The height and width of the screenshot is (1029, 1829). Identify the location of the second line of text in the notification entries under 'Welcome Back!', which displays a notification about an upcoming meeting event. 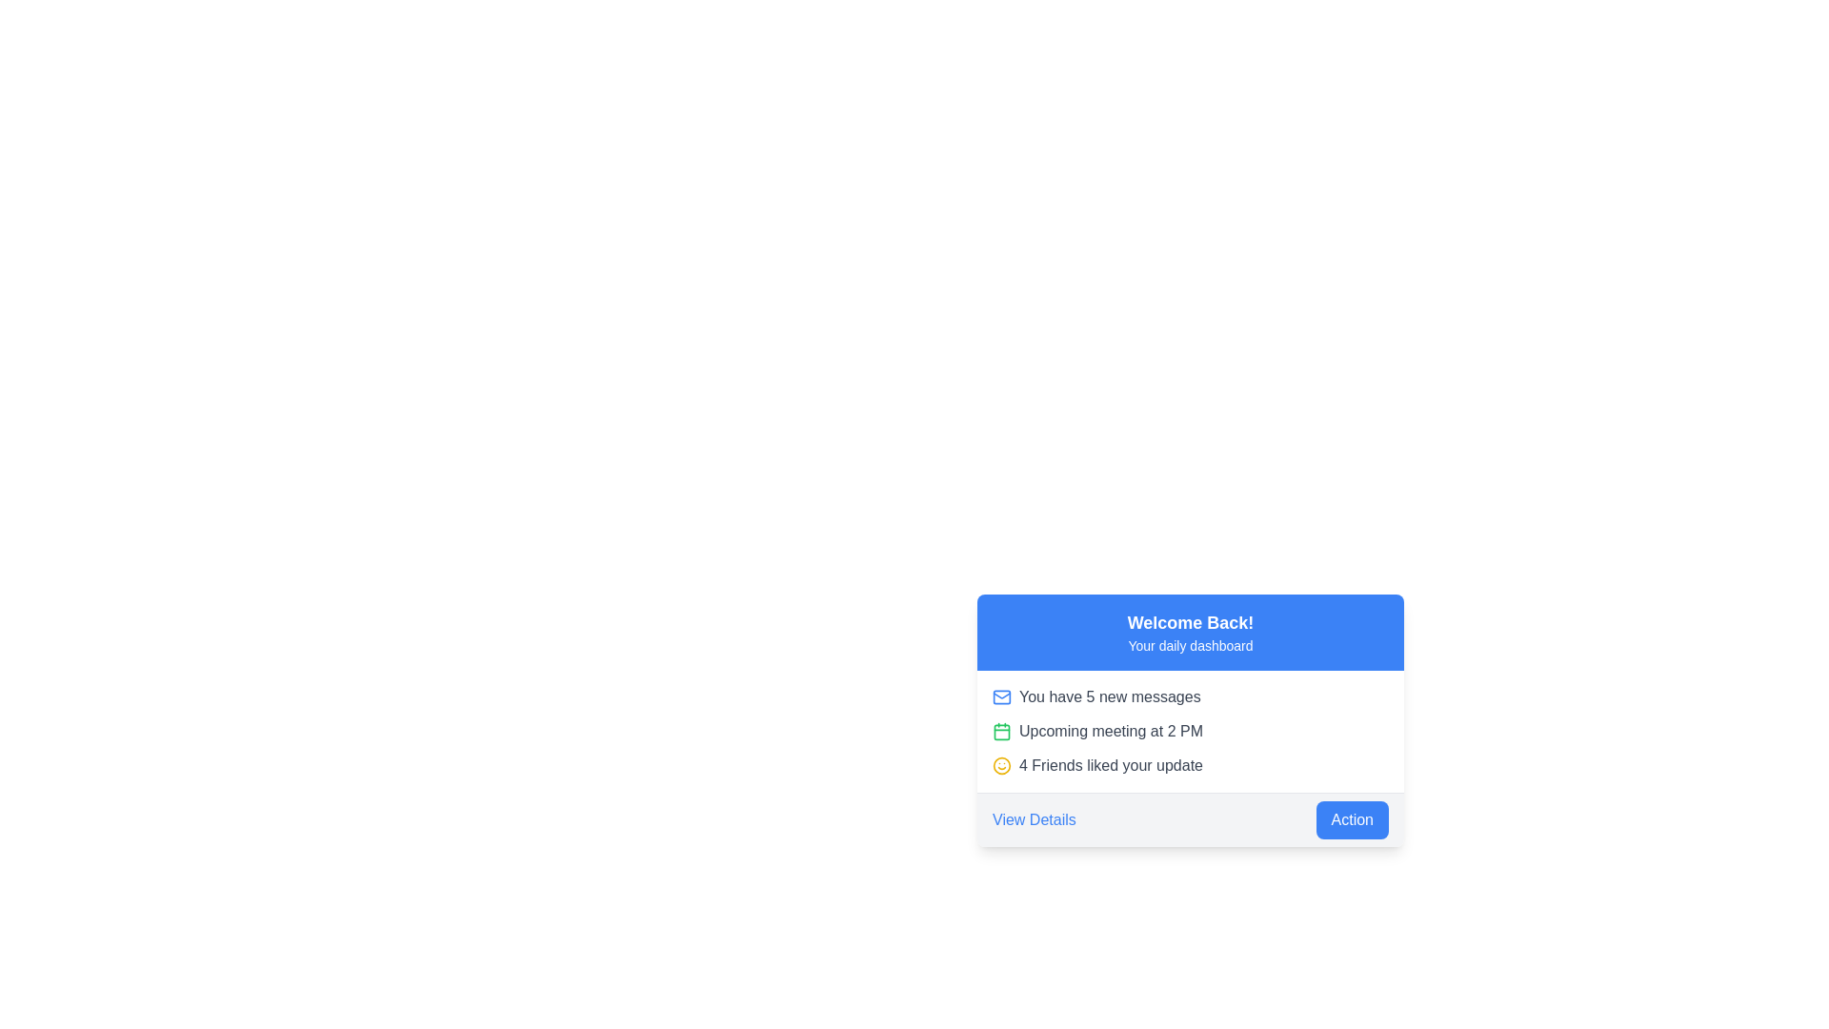
(1111, 730).